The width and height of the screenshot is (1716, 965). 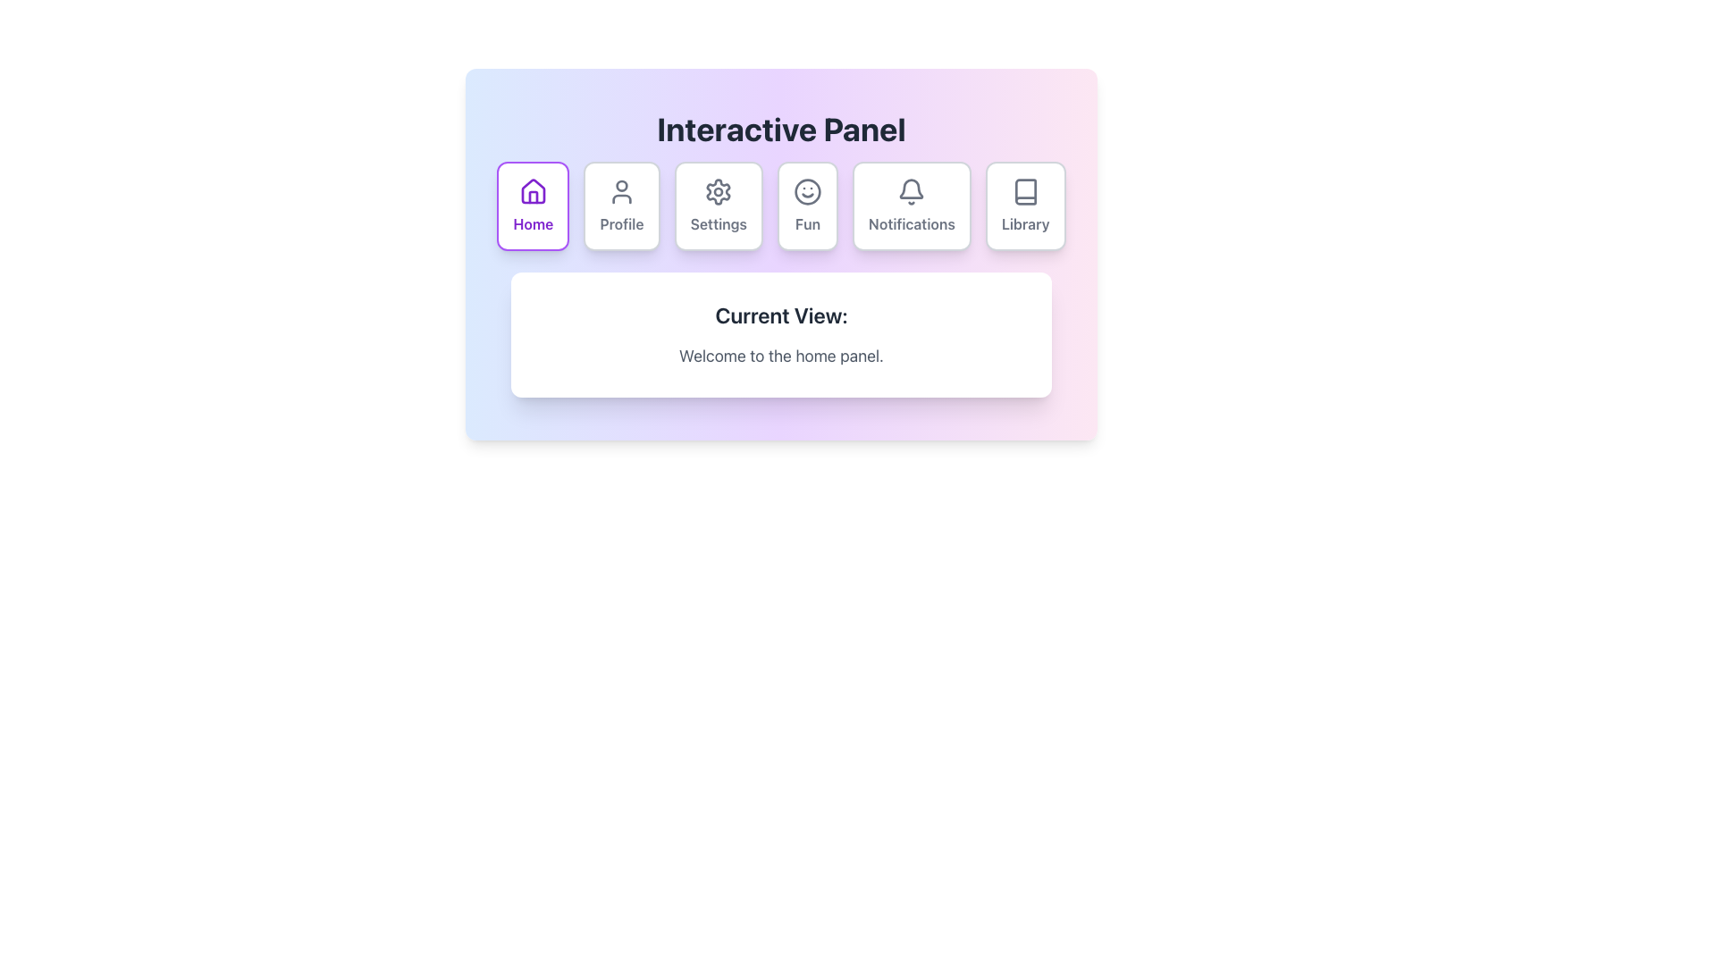 What do you see at coordinates (622, 192) in the screenshot?
I see `the 'Profile' SVG Icon, which is located at the center of the 'Profile' button, the second button from the left in the row of interactive buttons at the top of the interface` at bounding box center [622, 192].